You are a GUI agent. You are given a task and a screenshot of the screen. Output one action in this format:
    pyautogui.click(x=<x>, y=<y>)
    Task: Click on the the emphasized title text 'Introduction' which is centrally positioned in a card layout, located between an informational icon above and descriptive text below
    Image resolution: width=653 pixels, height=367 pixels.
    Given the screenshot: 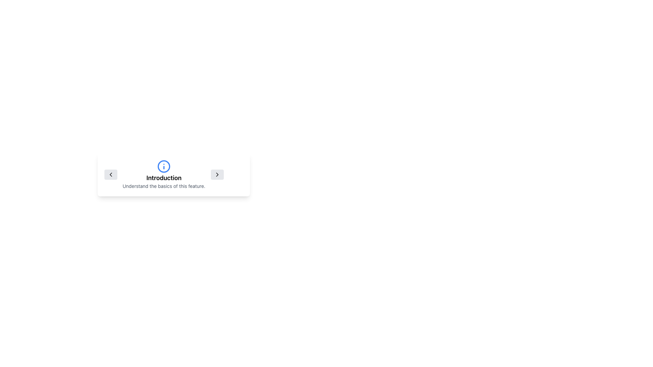 What is the action you would take?
    pyautogui.click(x=164, y=178)
    